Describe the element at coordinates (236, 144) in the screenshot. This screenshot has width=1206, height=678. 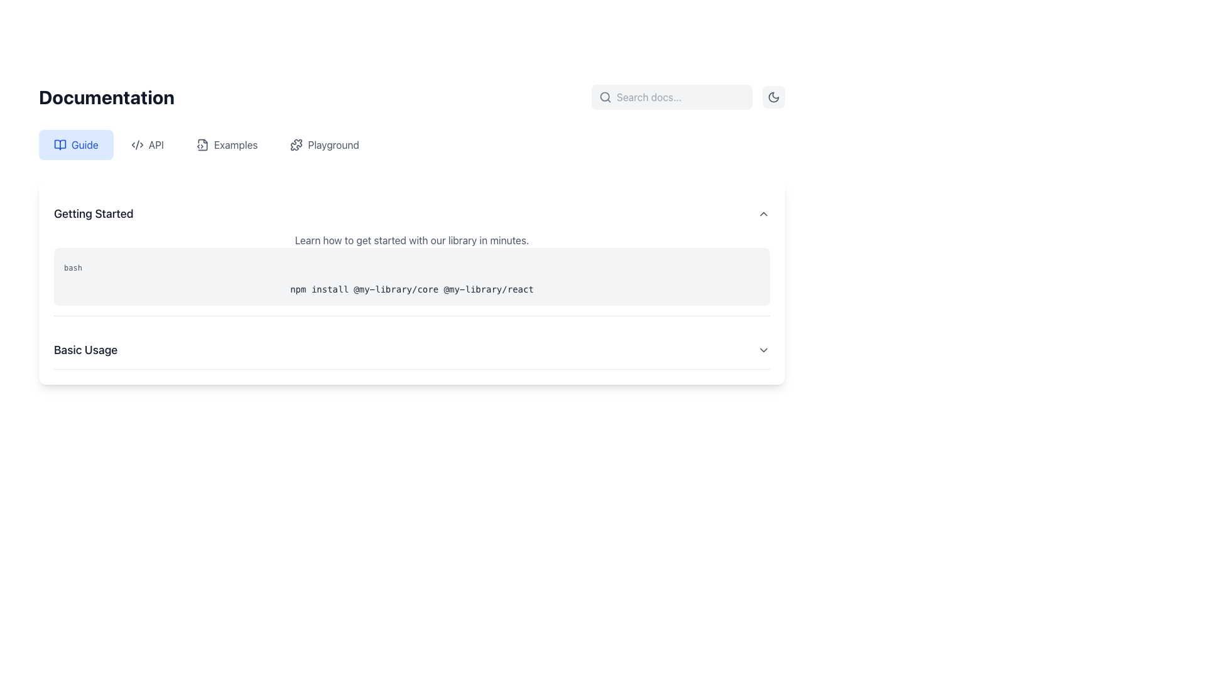
I see `the Navigation Menu Text Label that redirects users to the 'Examples' section of the application` at that location.